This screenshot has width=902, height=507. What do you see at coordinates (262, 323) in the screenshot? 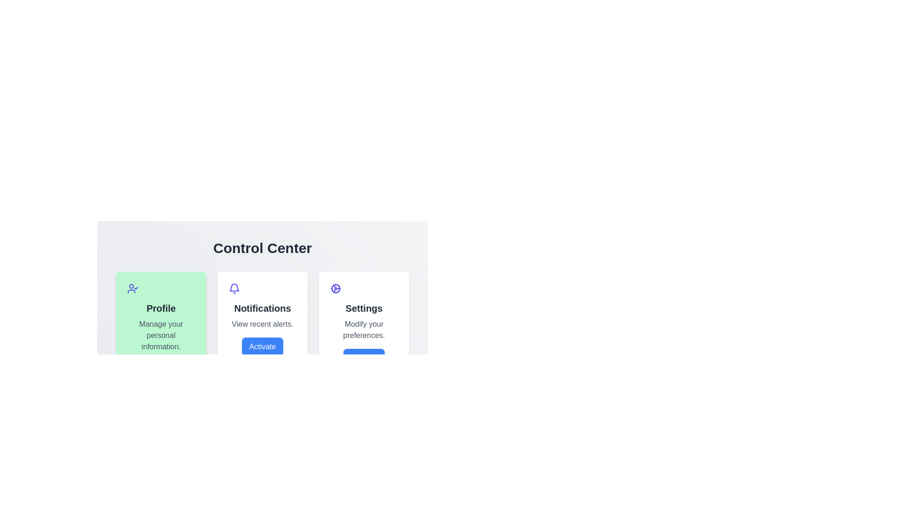
I see `the static text label that informs the user about the availability of recent alerts, located in the Notifications card section, below the Notifications title and above the Activate button` at bounding box center [262, 323].